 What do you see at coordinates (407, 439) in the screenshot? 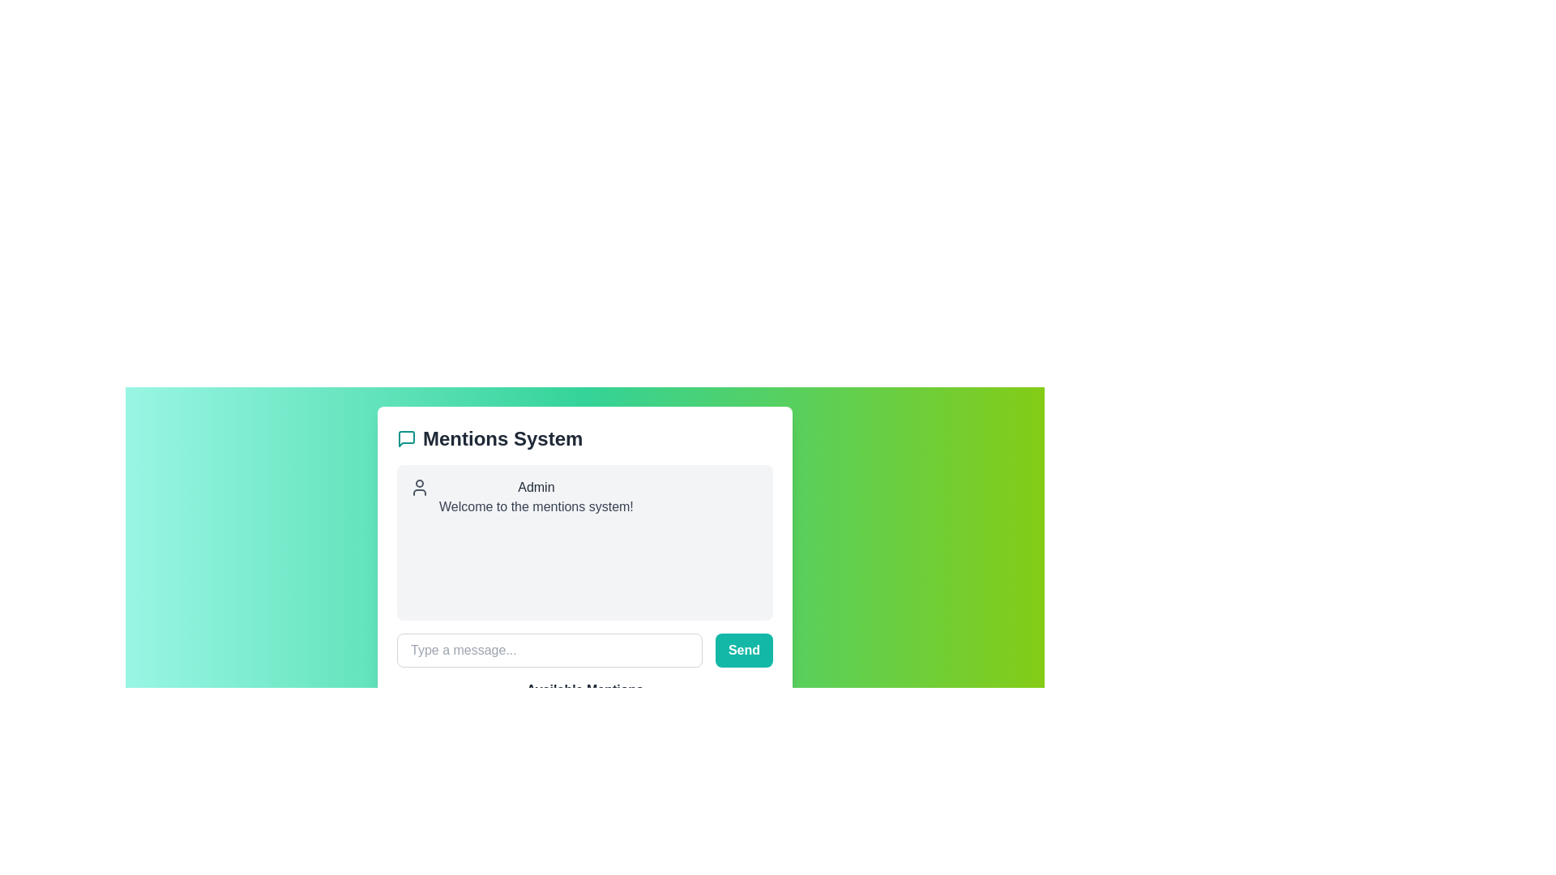
I see `the messaging icon located to the left of the 'Mentions System' header, which represents chat functionalities` at bounding box center [407, 439].